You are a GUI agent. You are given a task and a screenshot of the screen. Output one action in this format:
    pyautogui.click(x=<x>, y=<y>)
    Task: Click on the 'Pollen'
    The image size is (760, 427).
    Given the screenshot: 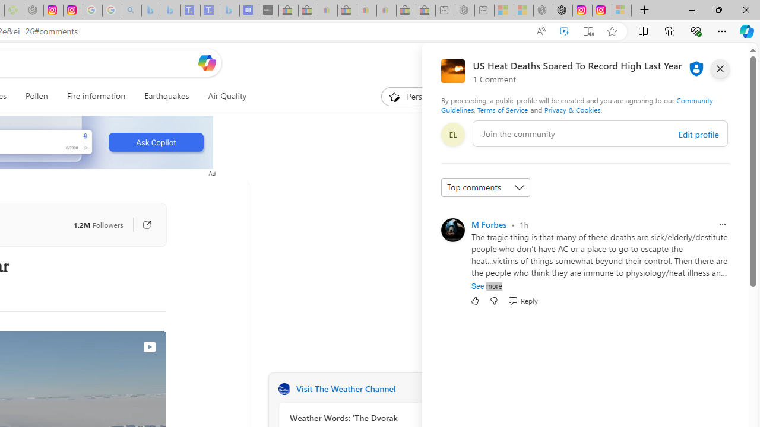 What is the action you would take?
    pyautogui.click(x=37, y=96)
    